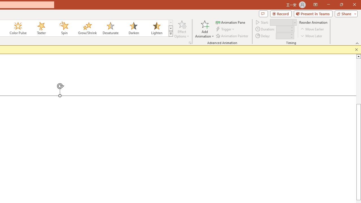  Describe the element at coordinates (87, 28) in the screenshot. I see `'Grow/Shrink'` at that location.